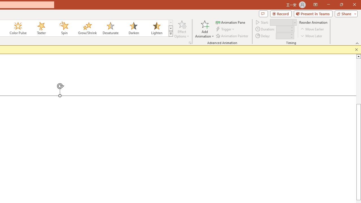  Describe the element at coordinates (87, 28) in the screenshot. I see `'Grow/Shrink'` at that location.